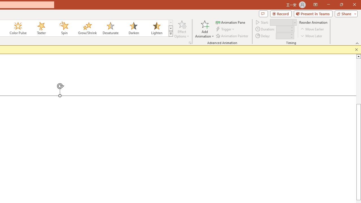  Describe the element at coordinates (87, 28) in the screenshot. I see `'Grow/Shrink'` at that location.